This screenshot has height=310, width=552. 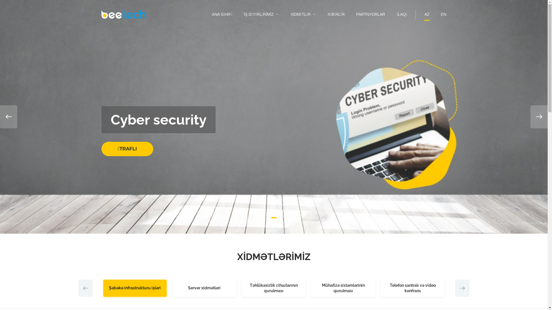 I want to click on 'PARTNYORLAR', so click(x=356, y=14).